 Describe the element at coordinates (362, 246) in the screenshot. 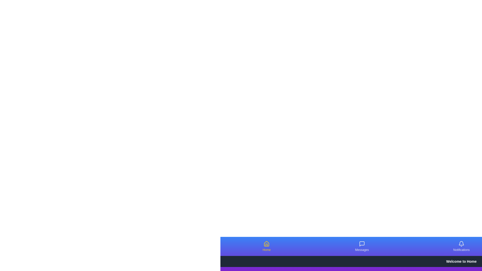

I see `the Messages tab in the navigation bar` at that location.